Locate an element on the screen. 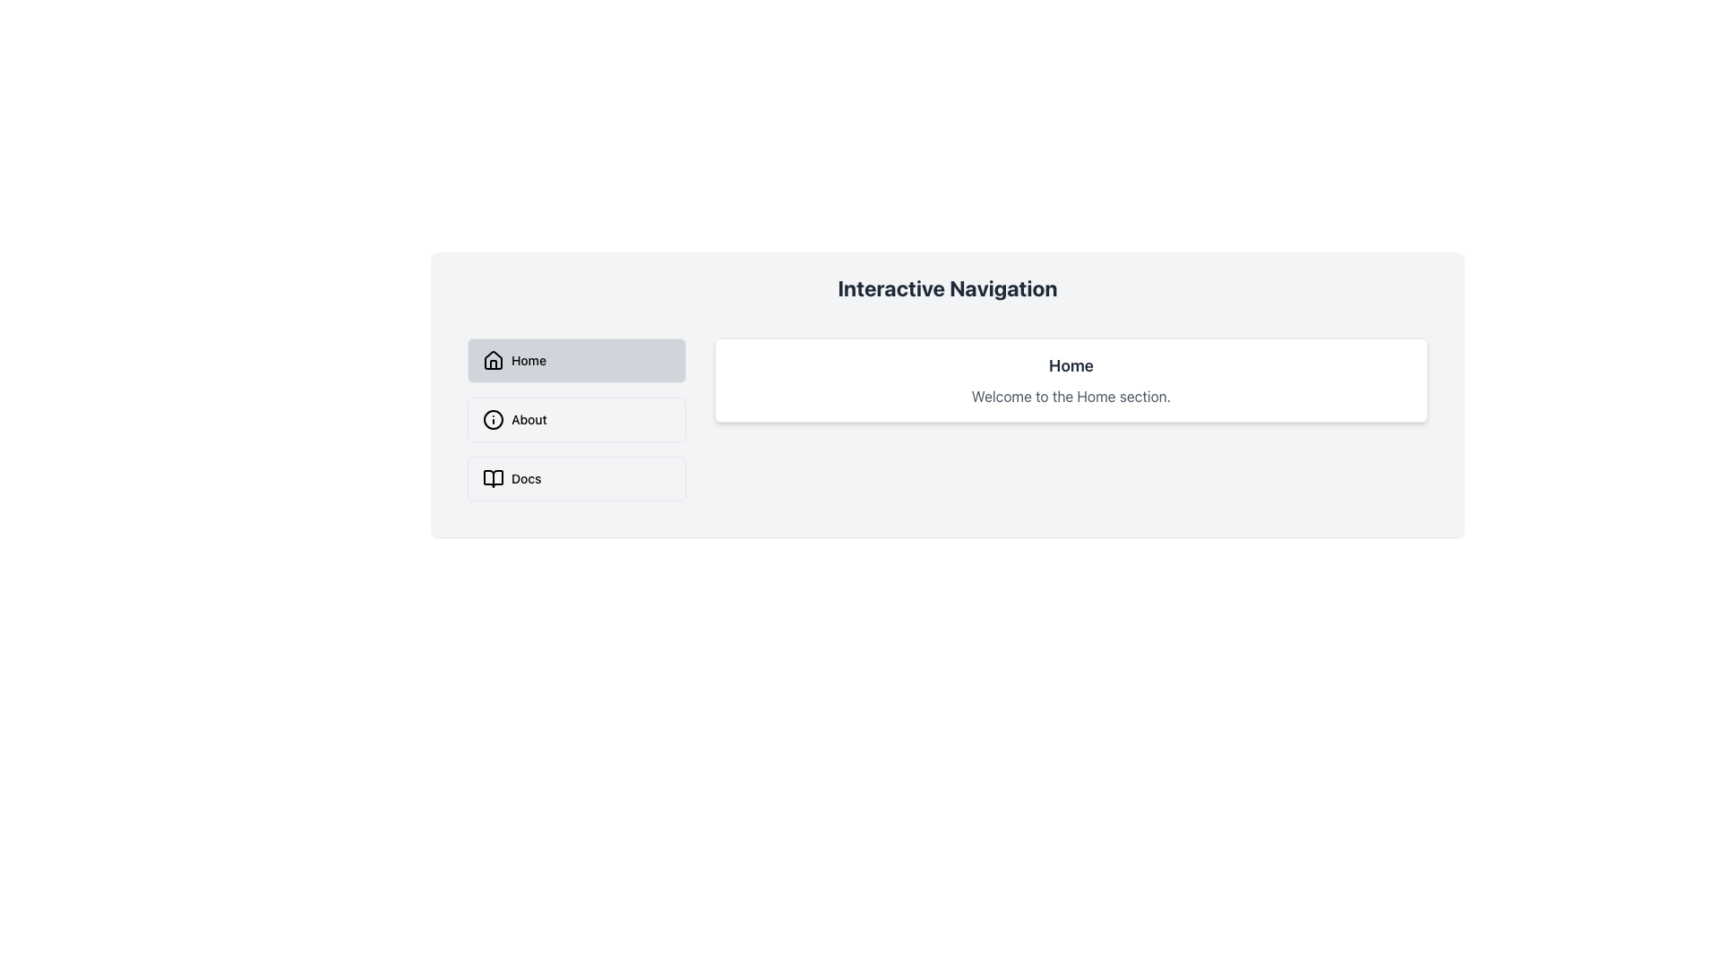  the Static Text that provides descriptive information or a welcome message regarding the 'Home' section, which is centrally positioned within the white card in the main content area of the interface is located at coordinates (1071, 396).